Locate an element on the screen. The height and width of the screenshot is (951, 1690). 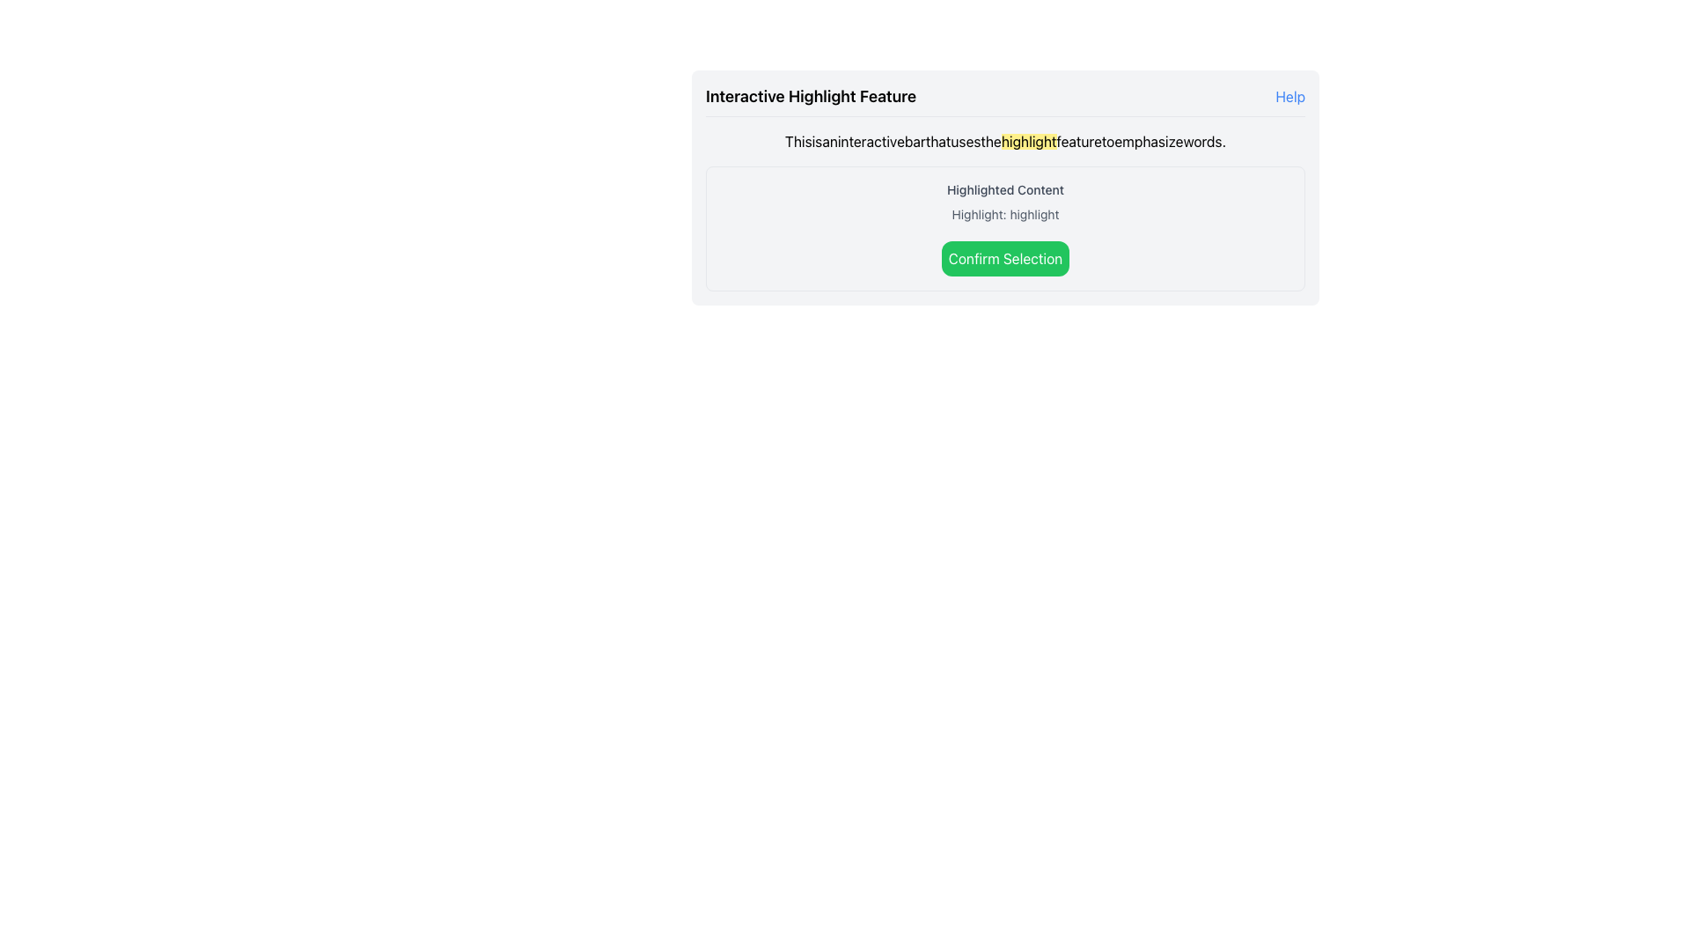
text element containing 'This', which is the first word in the sentence and displayed in a sans-serif font style is located at coordinates (797, 141).